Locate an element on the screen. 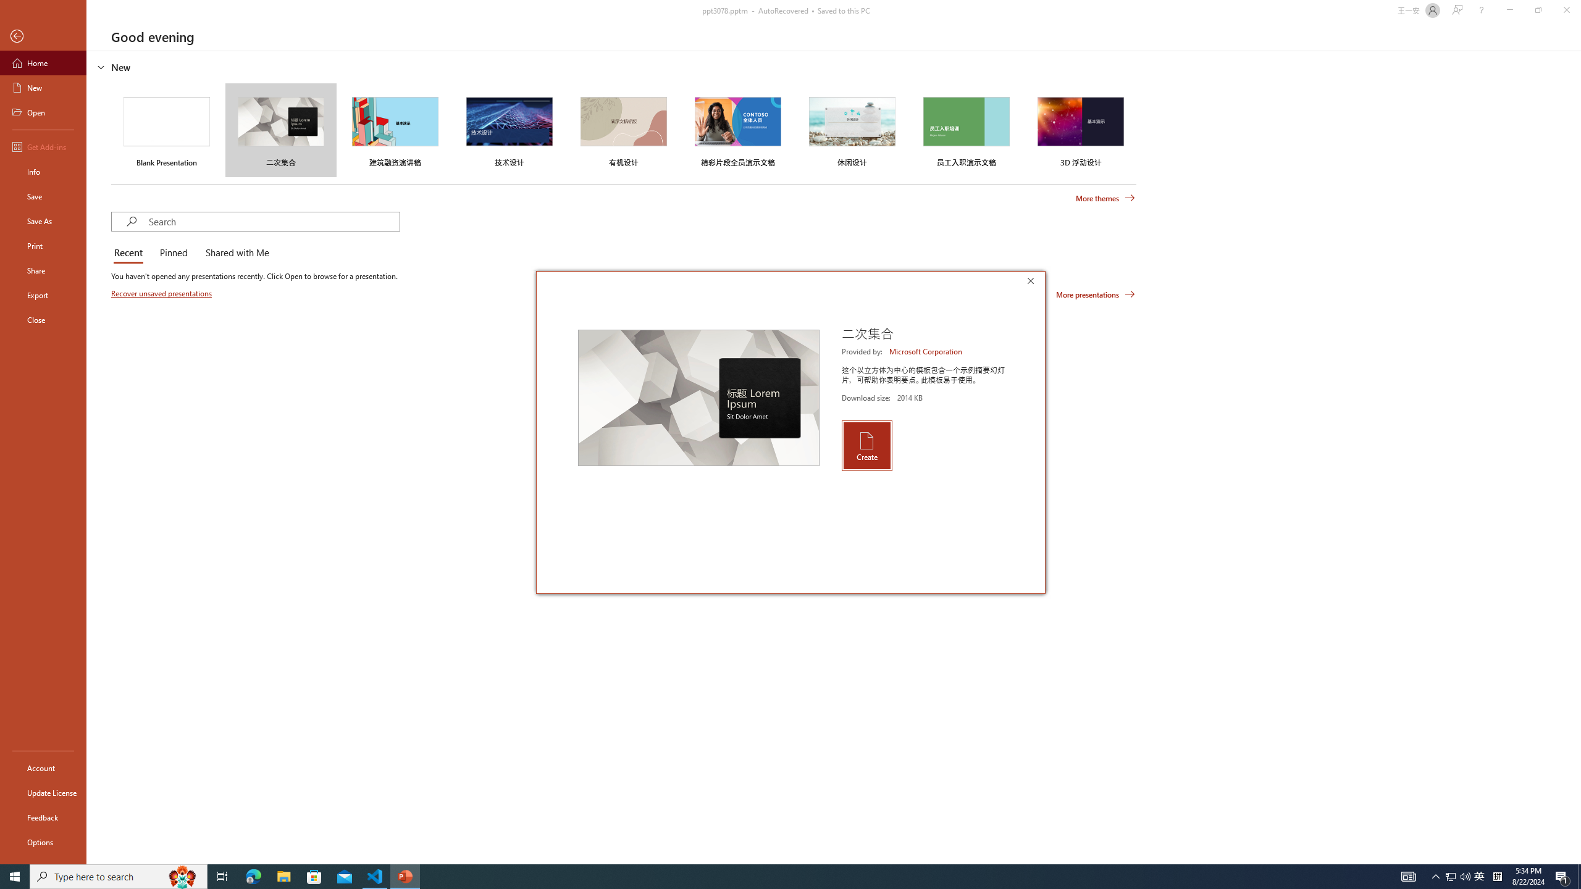 The image size is (1581, 889). 'New' is located at coordinates (43, 87).